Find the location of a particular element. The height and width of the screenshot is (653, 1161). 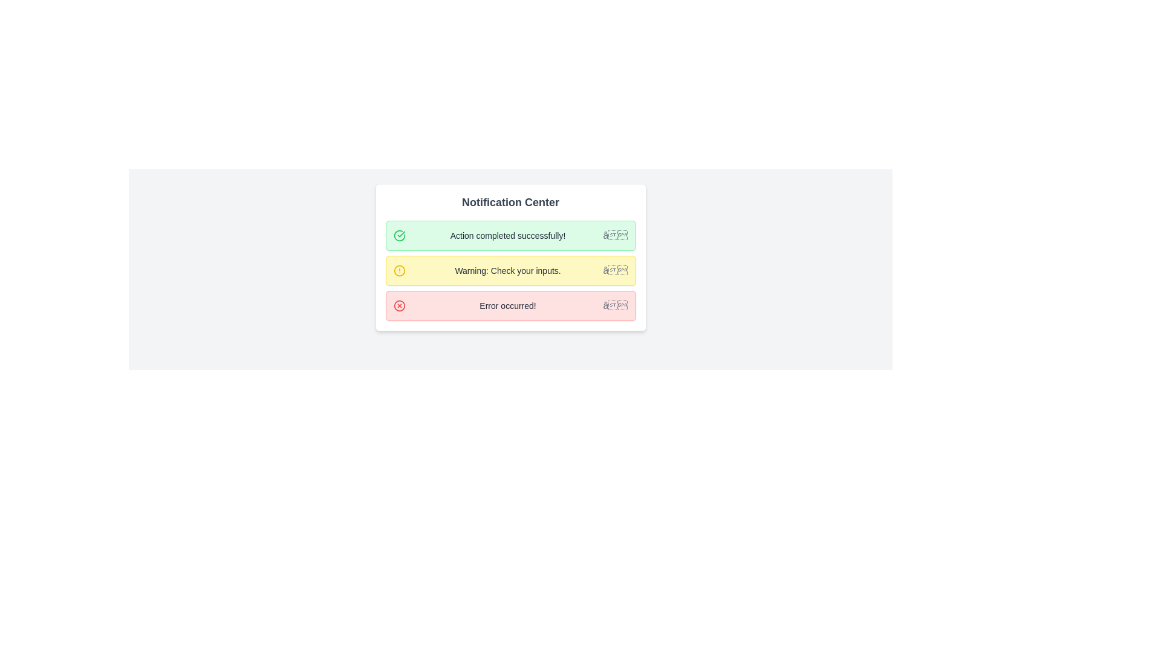

the button with the gray 'âœ–' icon located at the right side of the green notification bar labeled 'Action completed successfully!' is located at coordinates (615, 235).